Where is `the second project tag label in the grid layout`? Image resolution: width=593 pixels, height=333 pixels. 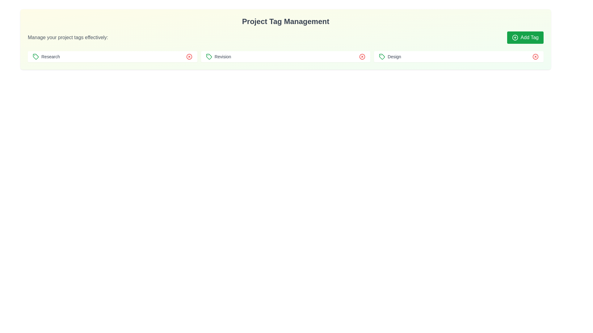
the second project tag label in the grid layout is located at coordinates (218, 57).